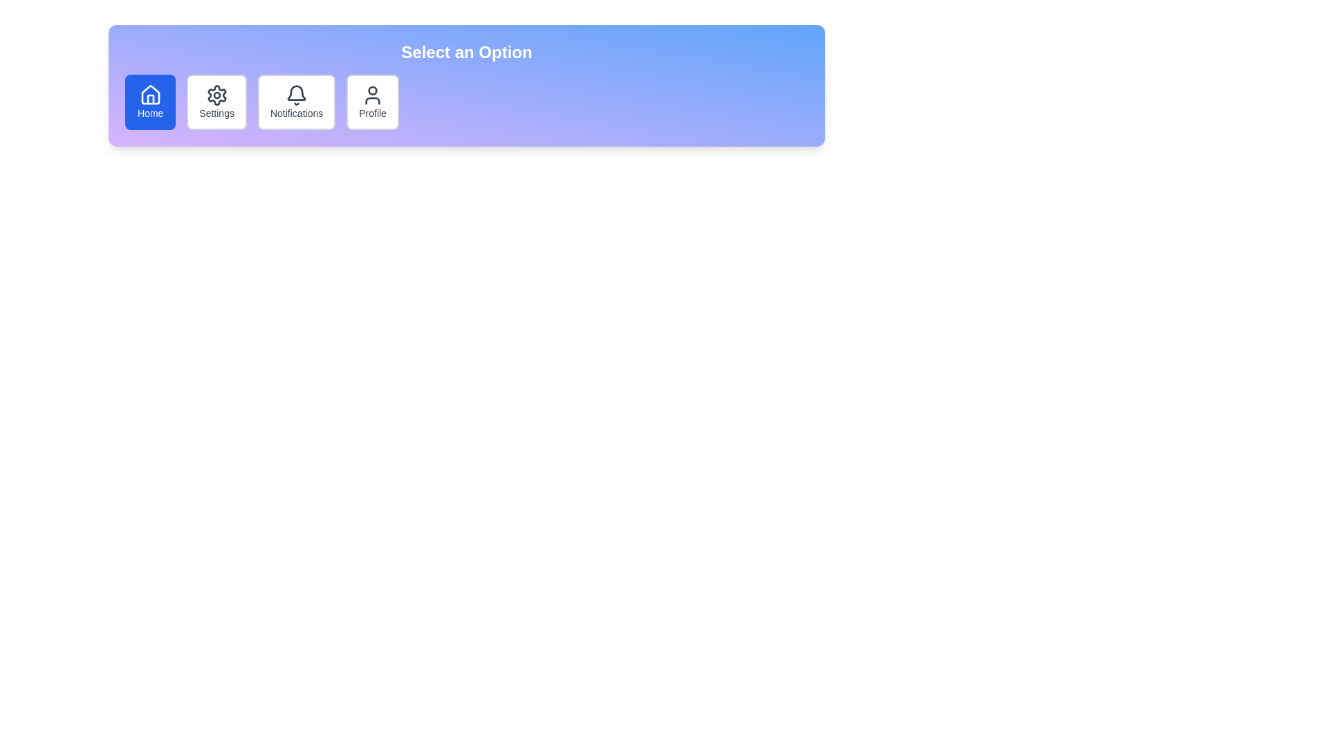  Describe the element at coordinates (216, 101) in the screenshot. I see `the 'Settings' button, which has a white background, gray text, and a gear icon above the label` at that location.